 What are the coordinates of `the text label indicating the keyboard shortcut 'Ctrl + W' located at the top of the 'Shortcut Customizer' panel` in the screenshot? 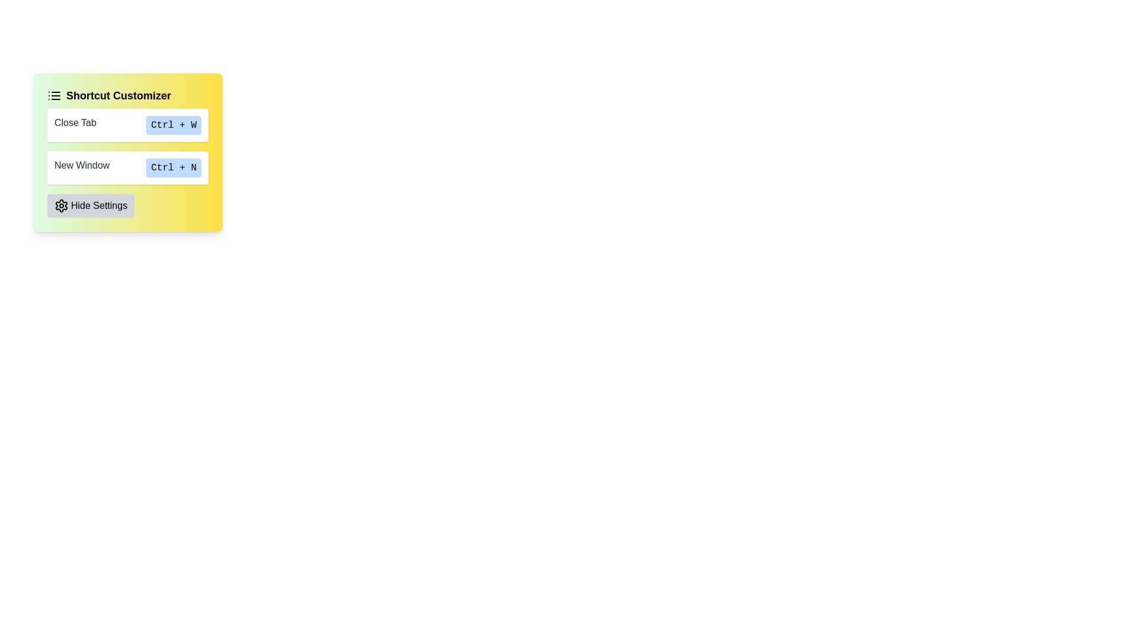 It's located at (75, 125).